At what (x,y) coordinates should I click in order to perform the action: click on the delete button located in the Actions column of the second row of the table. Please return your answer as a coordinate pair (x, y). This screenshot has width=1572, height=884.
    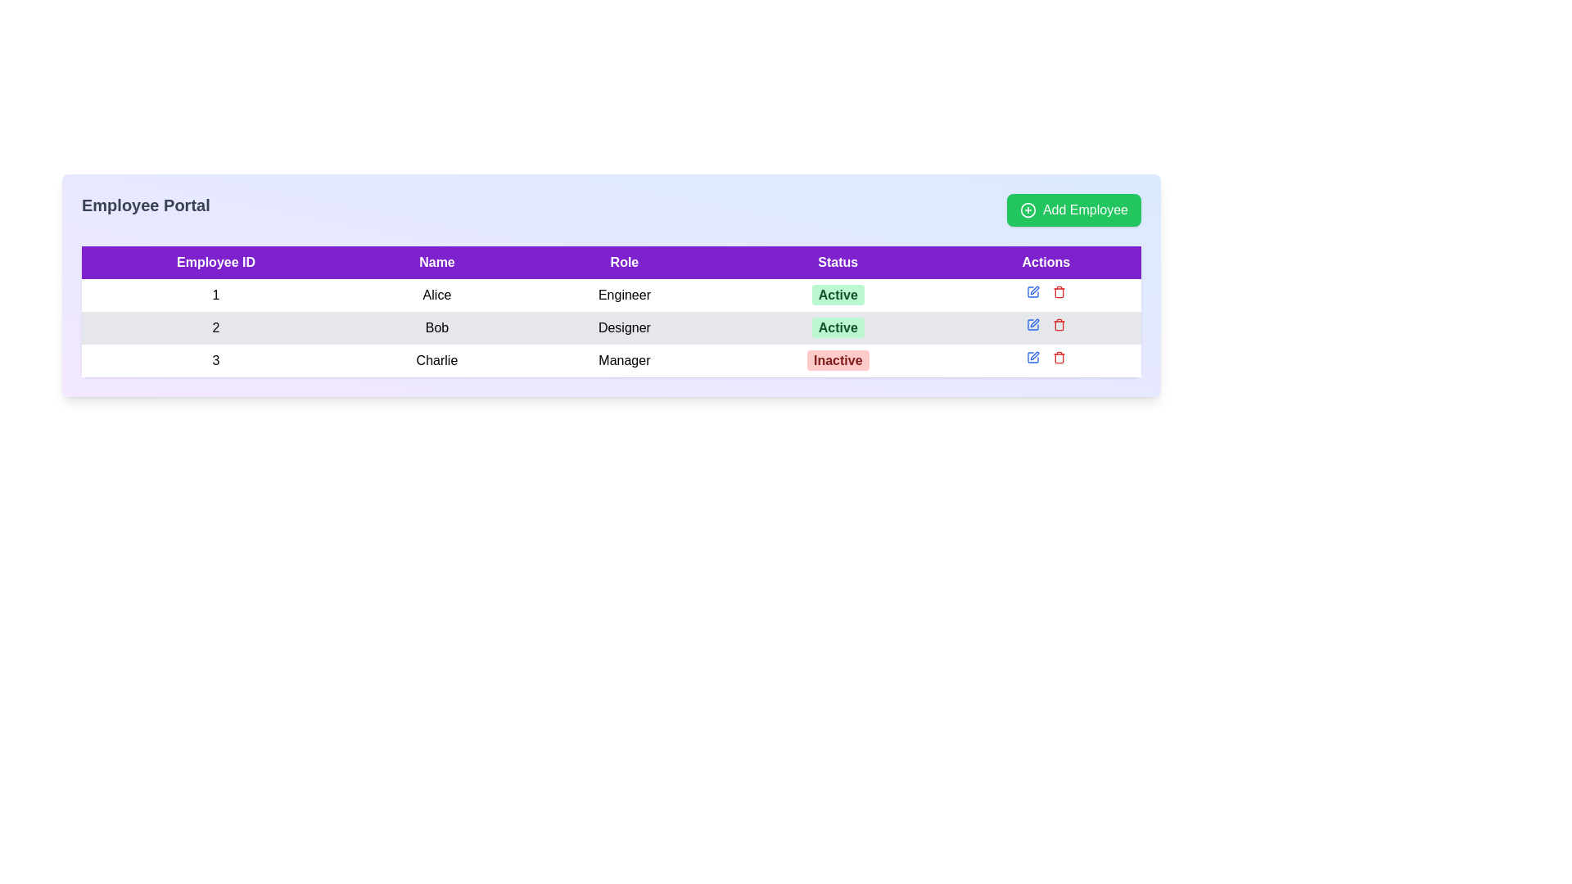
    Looking at the image, I should click on (1059, 325).